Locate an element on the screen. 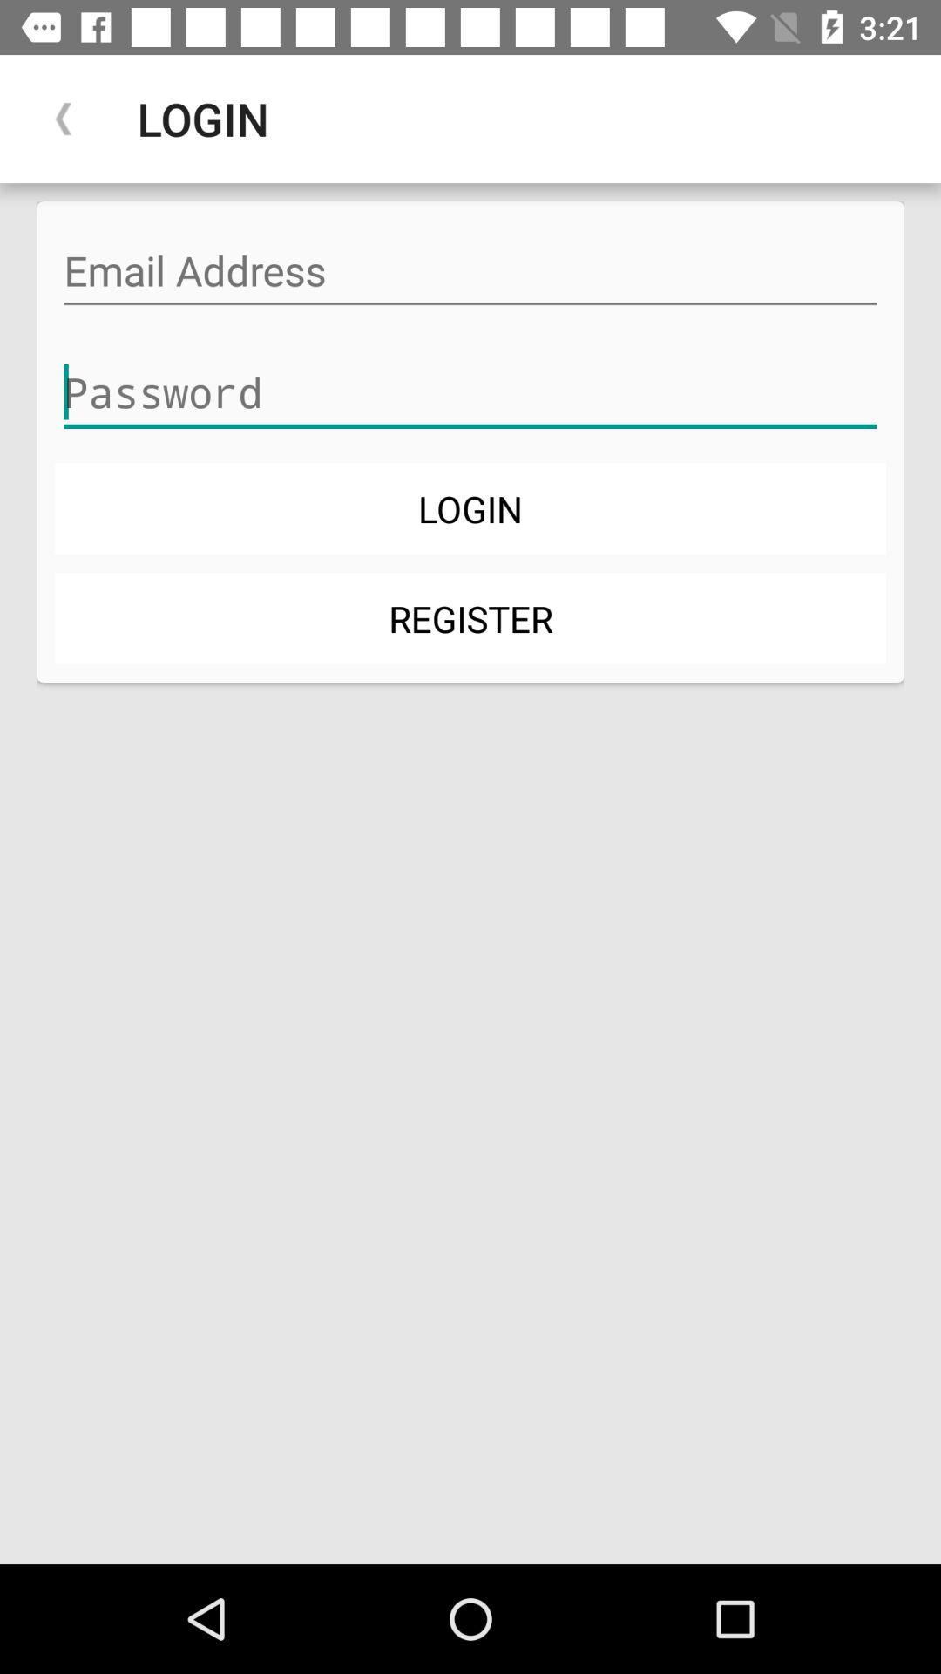  register icon is located at coordinates (470, 618).